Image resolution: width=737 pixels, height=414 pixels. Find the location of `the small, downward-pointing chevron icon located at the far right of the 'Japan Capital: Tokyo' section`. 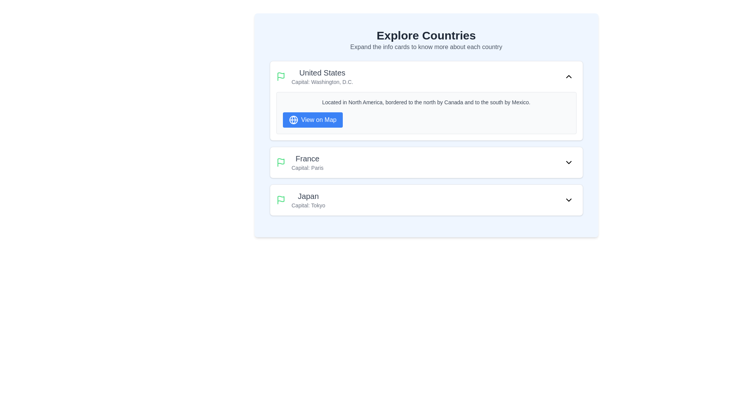

the small, downward-pointing chevron icon located at the far right of the 'Japan Capital: Tokyo' section is located at coordinates (568, 199).